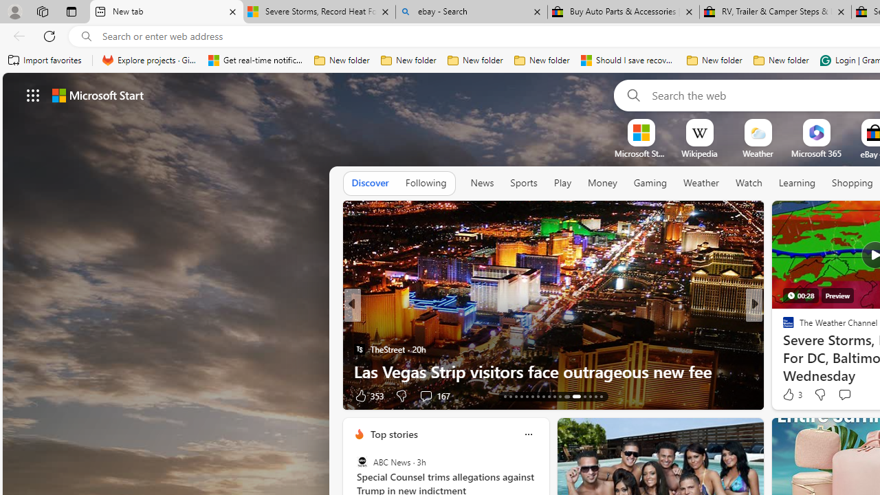  I want to click on 'Learning', so click(797, 183).